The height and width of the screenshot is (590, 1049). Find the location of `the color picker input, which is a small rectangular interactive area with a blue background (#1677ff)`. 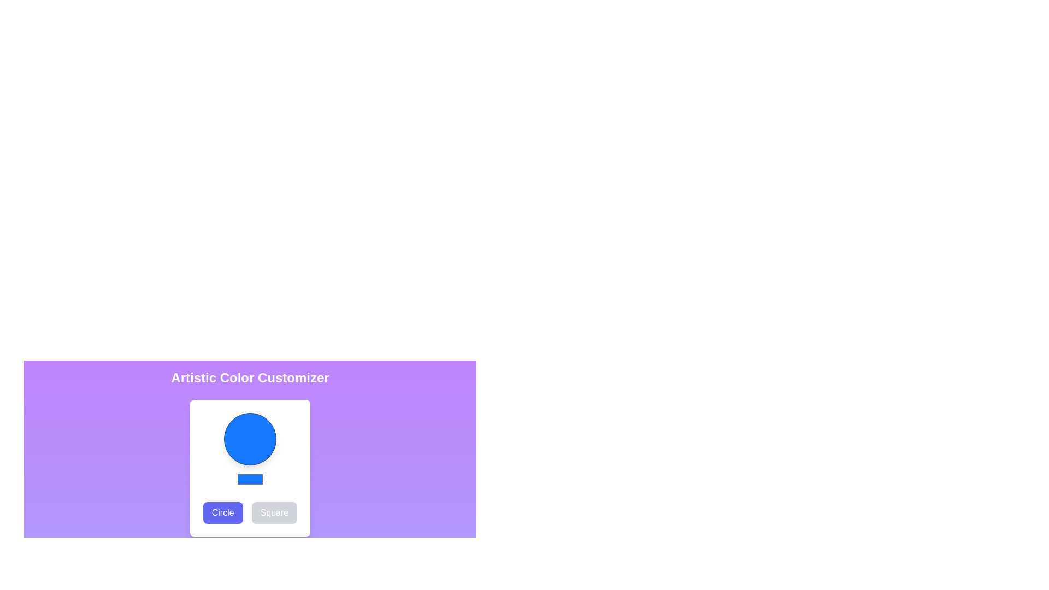

the color picker input, which is a small rectangular interactive area with a blue background (#1677ff) is located at coordinates (249, 479).